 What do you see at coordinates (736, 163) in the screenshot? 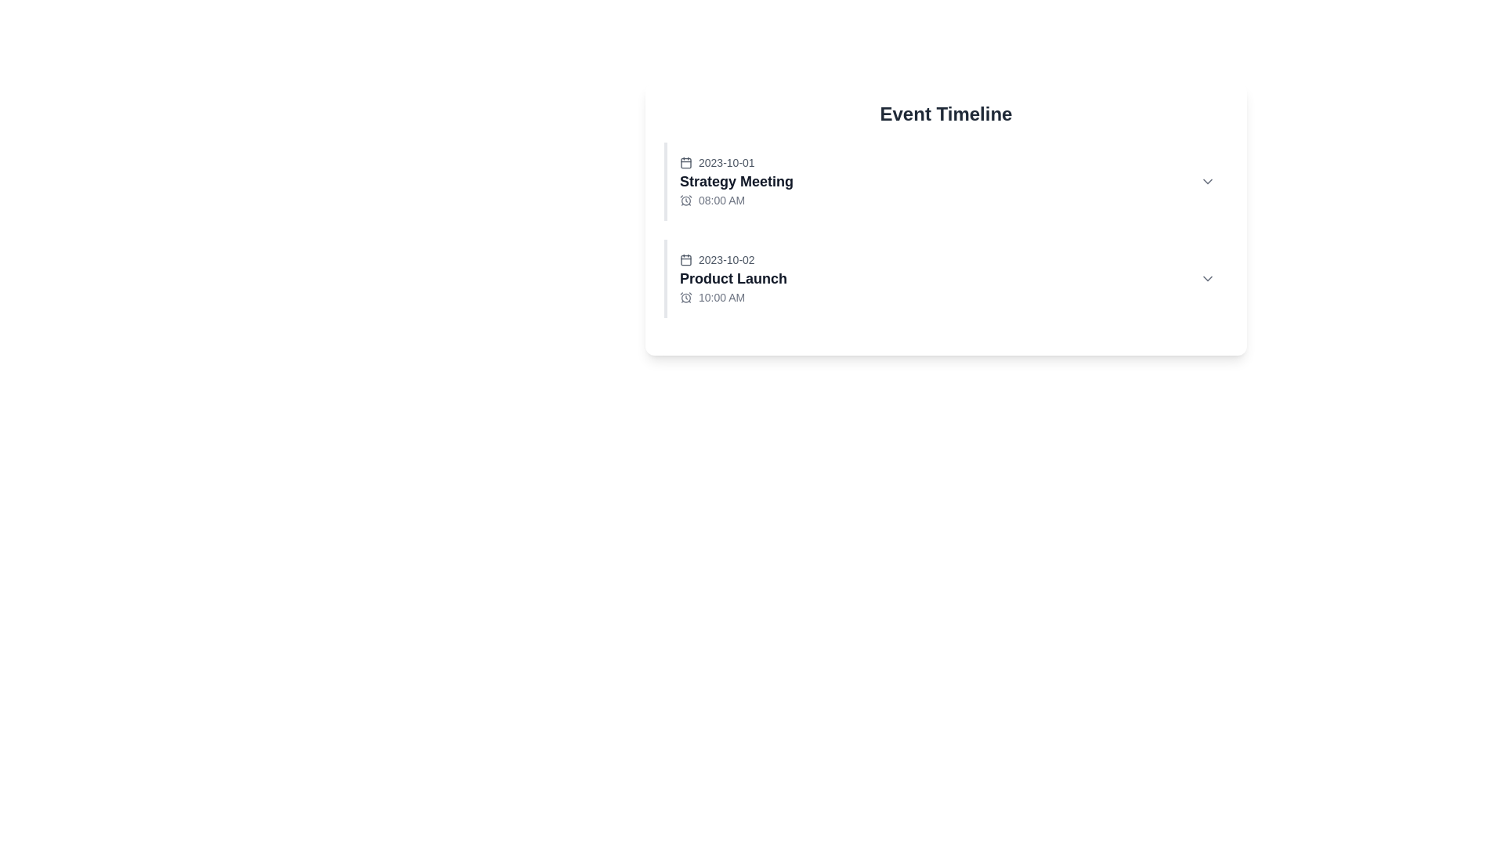
I see `date text '2023-10-01' displayed in a small gray font, positioned near the top of the list-like section alongside an inline calendar icon` at bounding box center [736, 163].